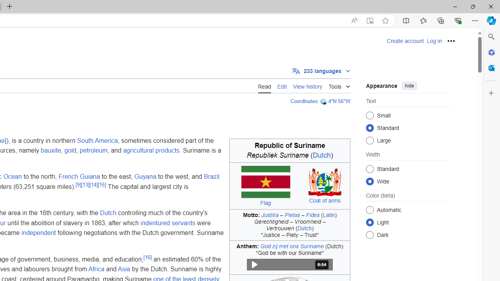 The height and width of the screenshot is (281, 500). I want to click on 'gold', so click(70, 151).